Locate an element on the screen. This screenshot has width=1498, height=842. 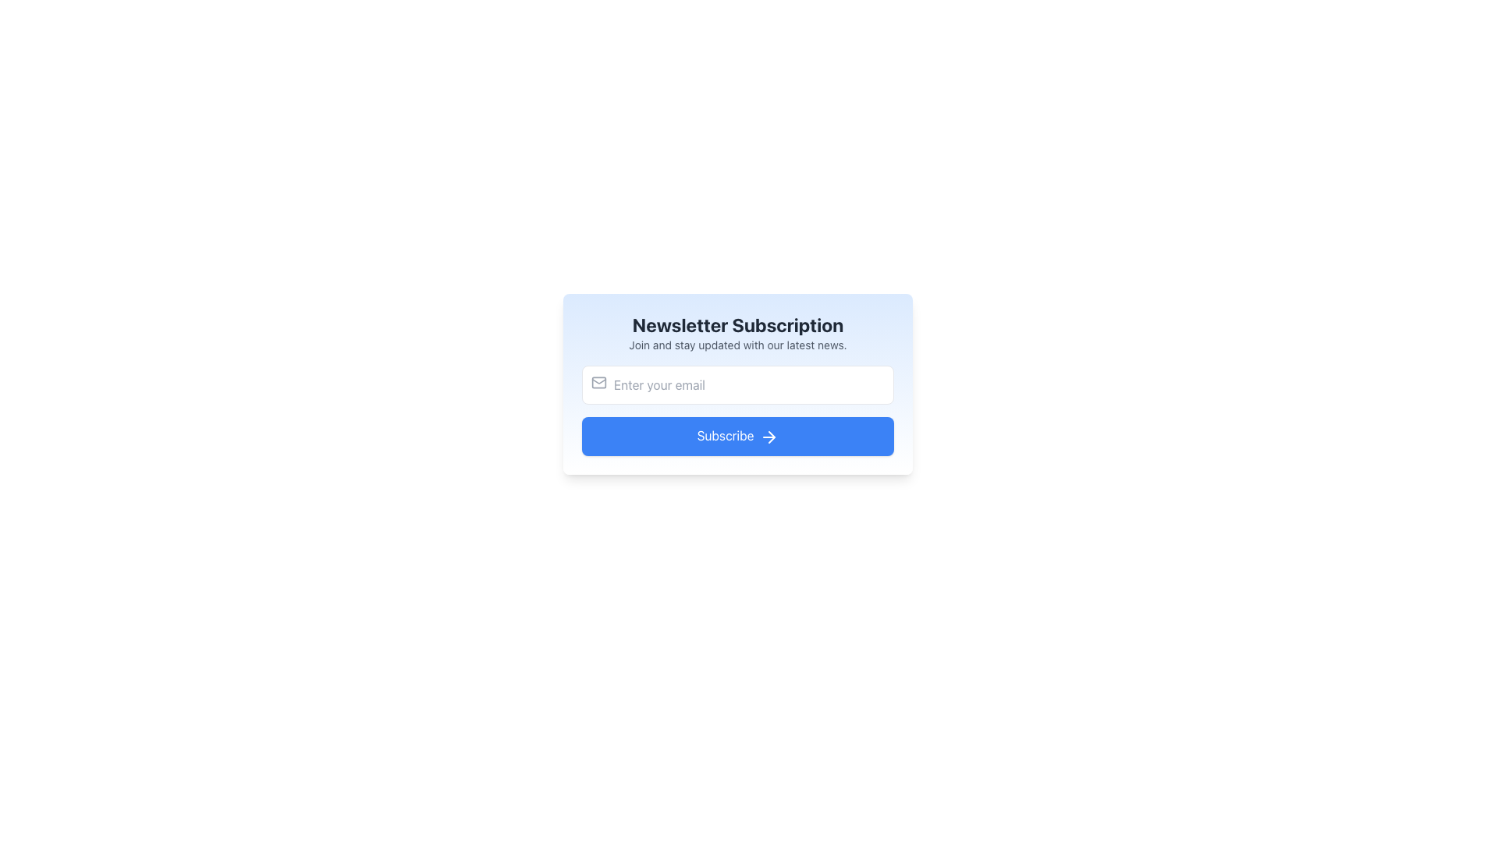
the 'Subscribe' button with a blue background and white text to observe its hover effects is located at coordinates (737, 436).